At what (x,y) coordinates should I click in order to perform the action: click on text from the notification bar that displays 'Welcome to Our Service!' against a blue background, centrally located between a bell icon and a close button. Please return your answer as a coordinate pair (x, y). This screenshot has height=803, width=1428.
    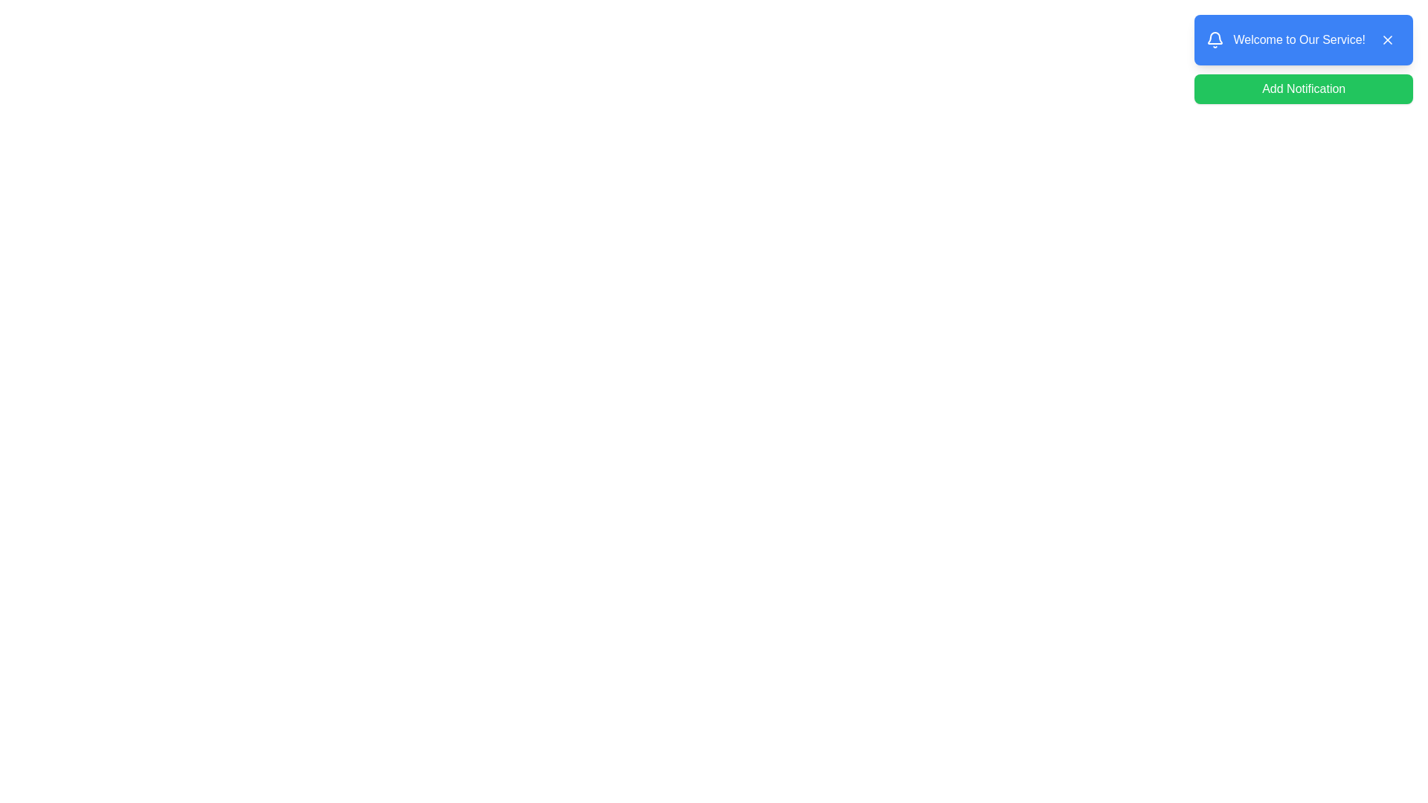
    Looking at the image, I should click on (1299, 39).